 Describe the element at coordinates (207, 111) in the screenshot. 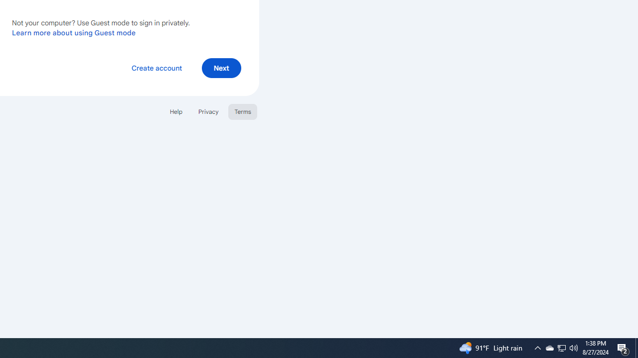

I see `'Privacy'` at that location.